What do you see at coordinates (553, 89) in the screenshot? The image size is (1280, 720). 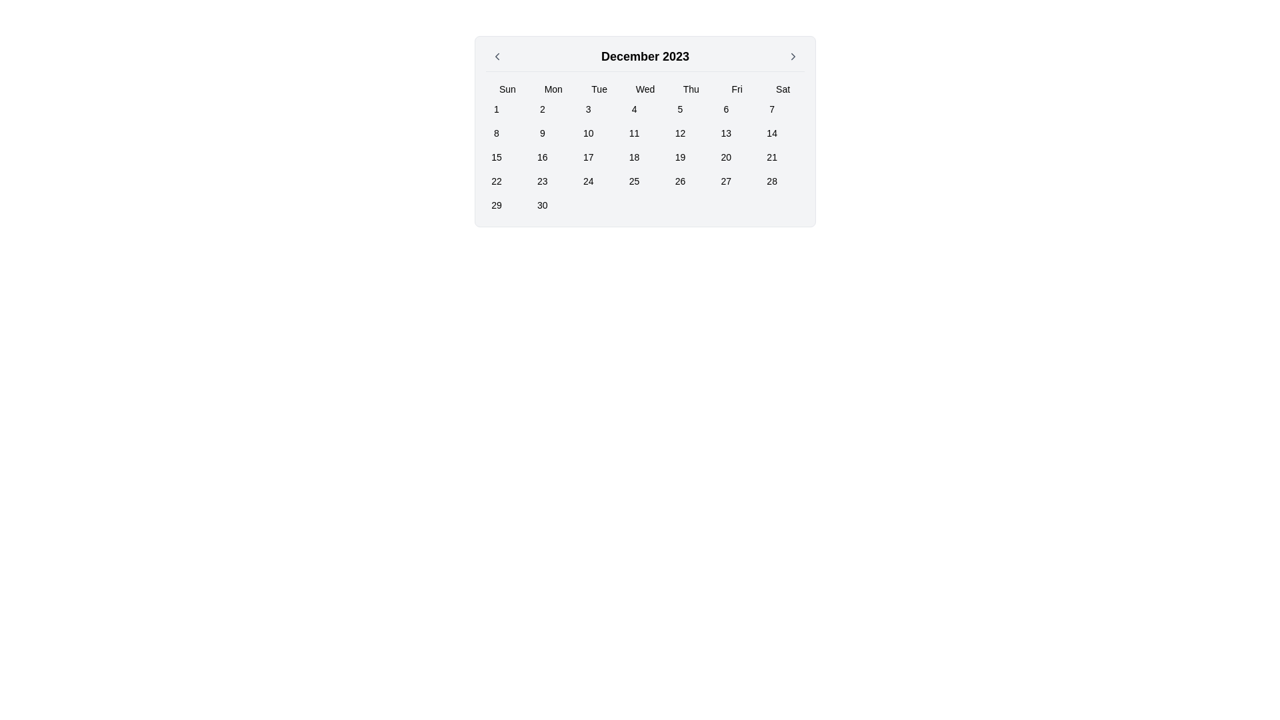 I see `the Monday label in the calendar interface, which is the second weekday header in the topmost row, located between 'Sun' and 'Tue'` at bounding box center [553, 89].